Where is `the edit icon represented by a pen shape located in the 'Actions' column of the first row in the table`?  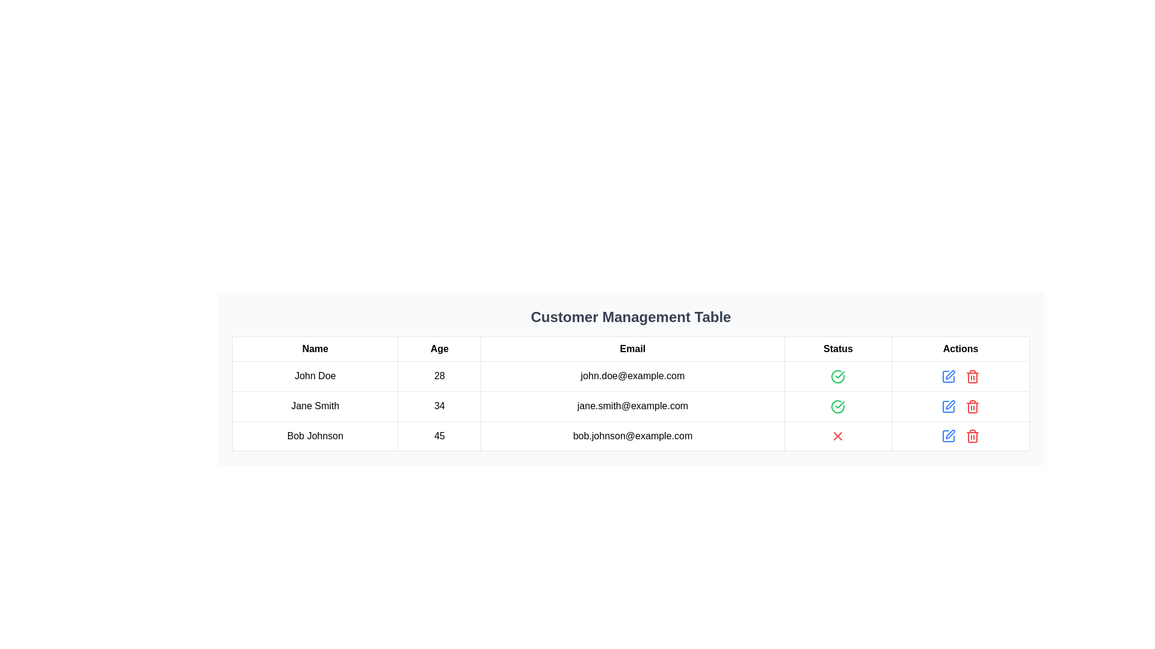 the edit icon represented by a pen shape located in the 'Actions' column of the first row in the table is located at coordinates (949, 374).